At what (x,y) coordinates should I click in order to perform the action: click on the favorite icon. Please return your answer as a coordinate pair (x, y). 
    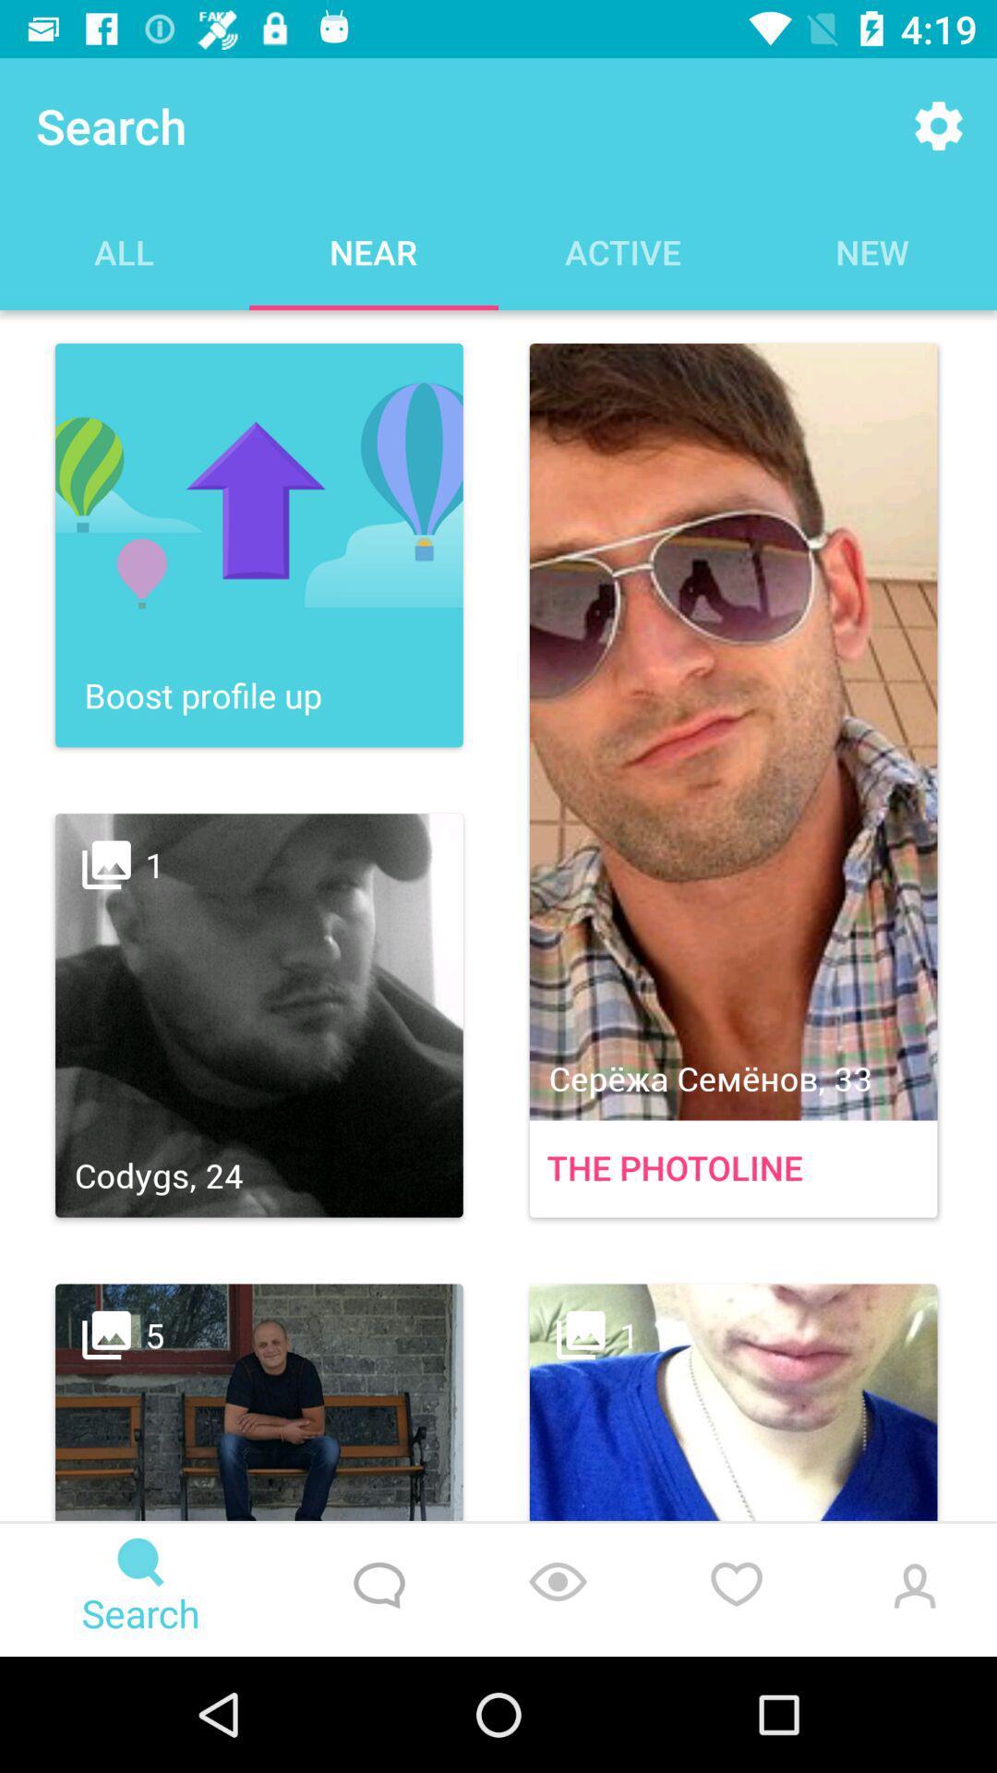
    Looking at the image, I should click on (736, 1589).